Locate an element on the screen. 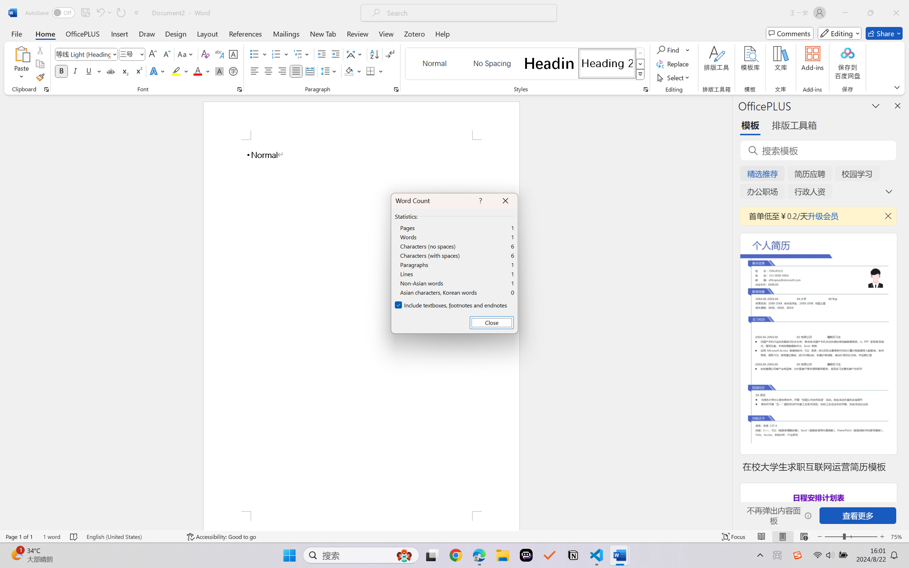 This screenshot has height=568, width=909. 'Draw' is located at coordinates (147, 33).